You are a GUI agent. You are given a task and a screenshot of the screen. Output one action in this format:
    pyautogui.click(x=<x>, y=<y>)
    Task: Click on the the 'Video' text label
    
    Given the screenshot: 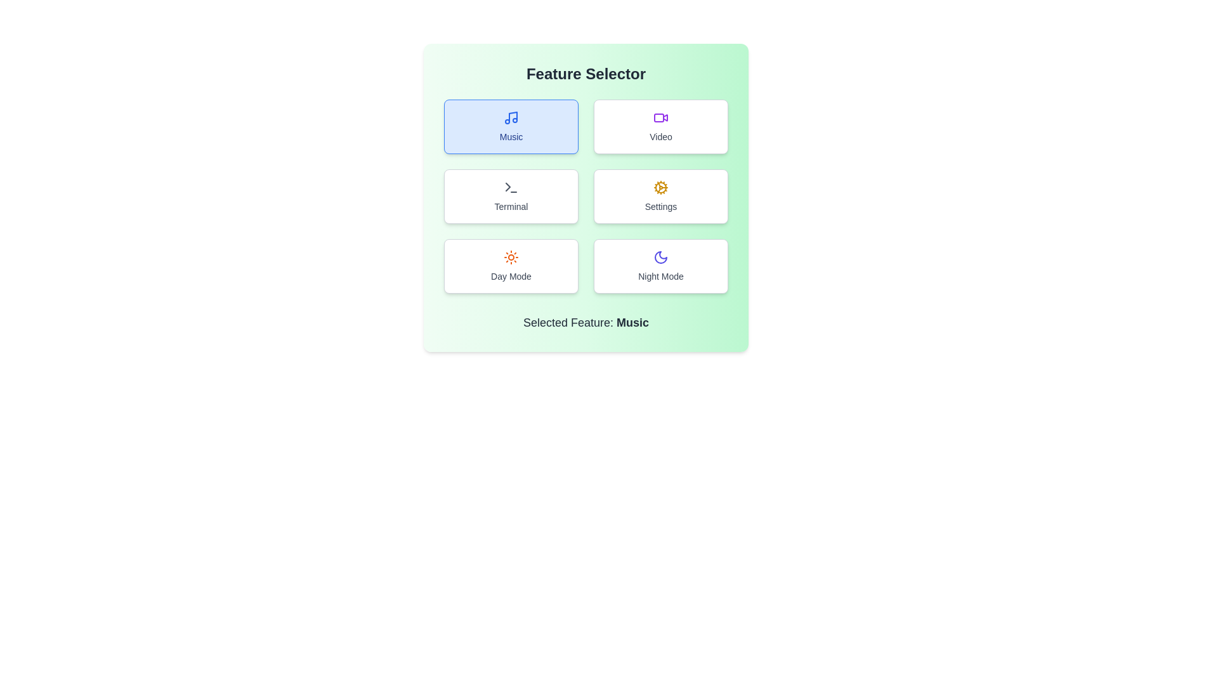 What is the action you would take?
    pyautogui.click(x=660, y=137)
    